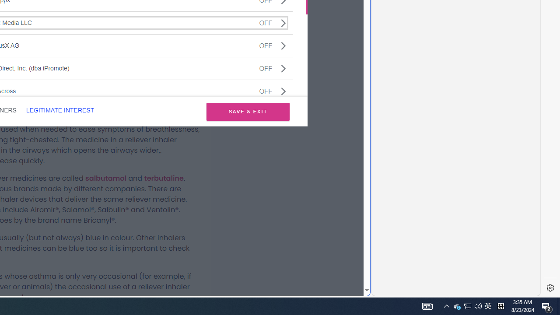 This screenshot has width=560, height=315. What do you see at coordinates (283, 91) in the screenshot?
I see `'Class: css-jswnc6'` at bounding box center [283, 91].